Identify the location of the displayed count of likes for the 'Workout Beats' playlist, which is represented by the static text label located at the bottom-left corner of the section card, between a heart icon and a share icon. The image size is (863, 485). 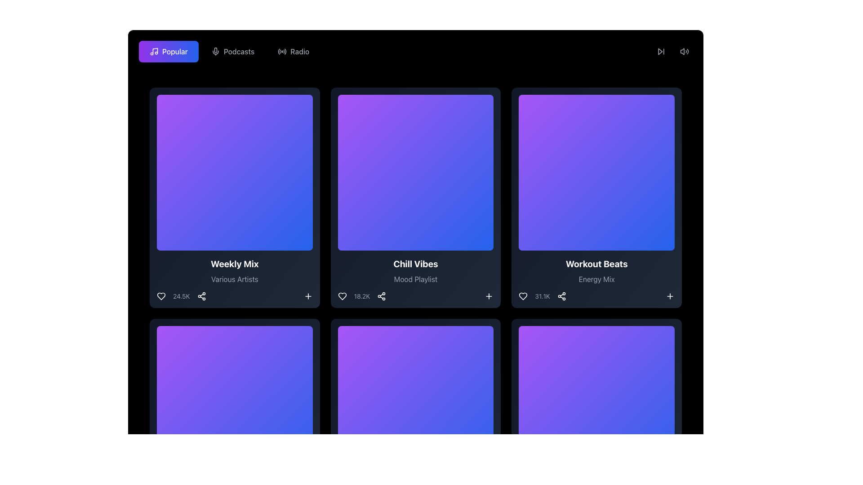
(542, 296).